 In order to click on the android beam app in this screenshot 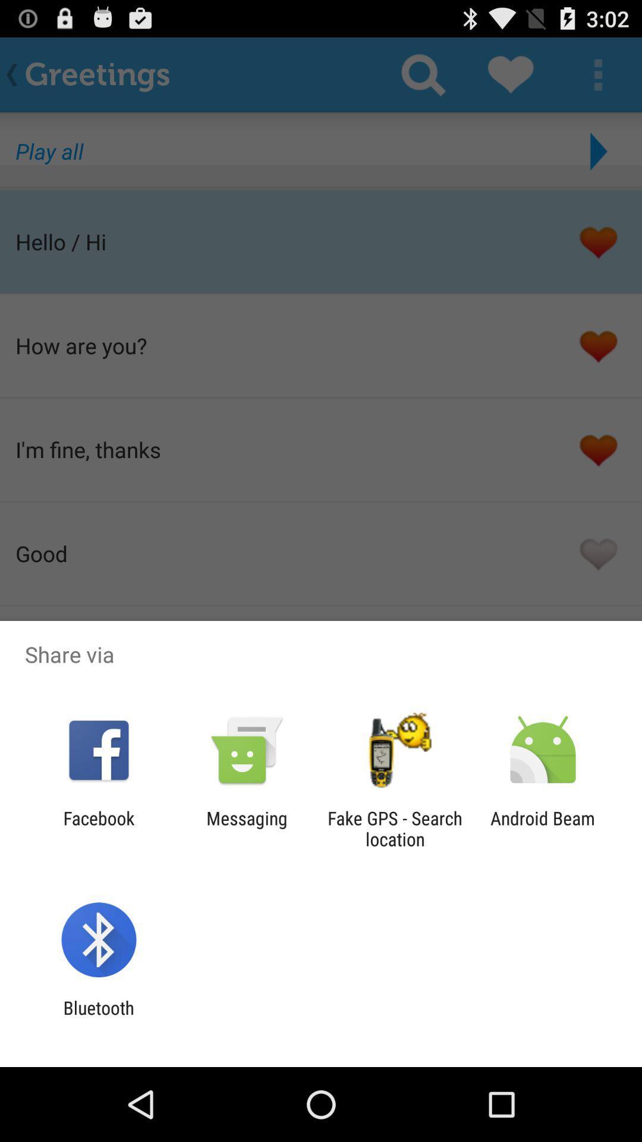, I will do `click(543, 828)`.